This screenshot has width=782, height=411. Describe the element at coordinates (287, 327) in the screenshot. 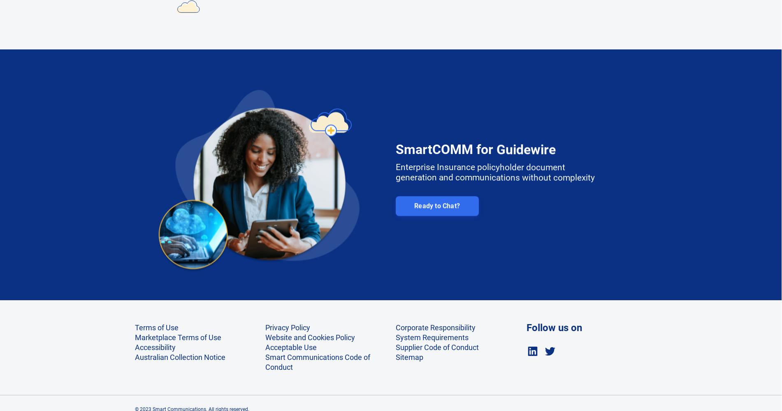

I see `'Privacy Policy'` at that location.